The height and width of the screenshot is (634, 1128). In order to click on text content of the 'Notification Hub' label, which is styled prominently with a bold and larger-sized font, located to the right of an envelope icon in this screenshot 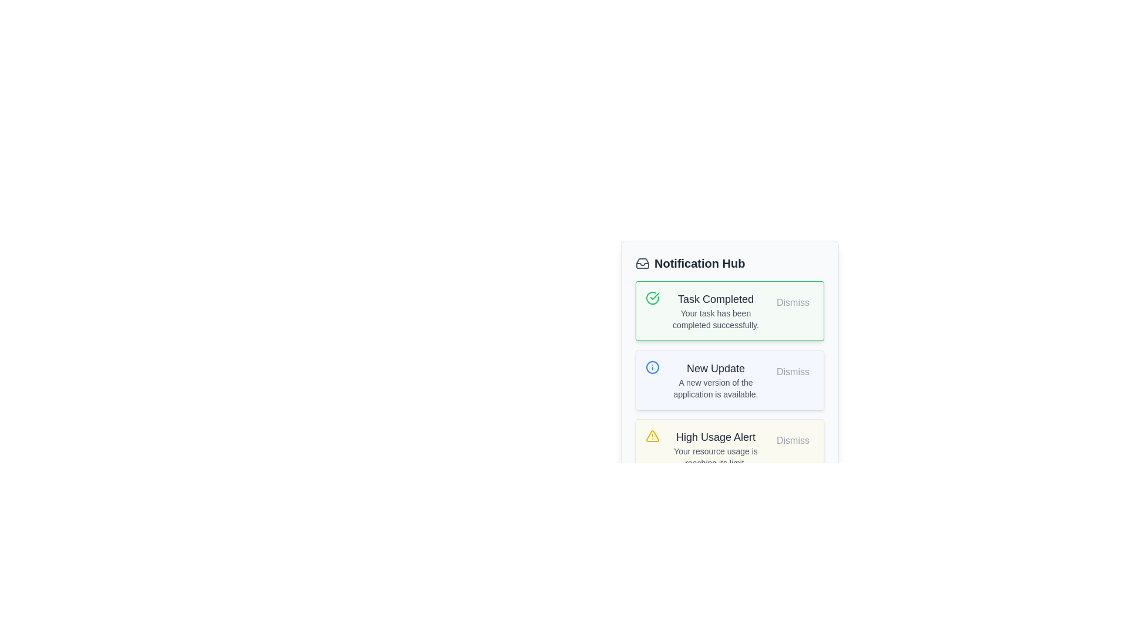, I will do `click(700, 262)`.